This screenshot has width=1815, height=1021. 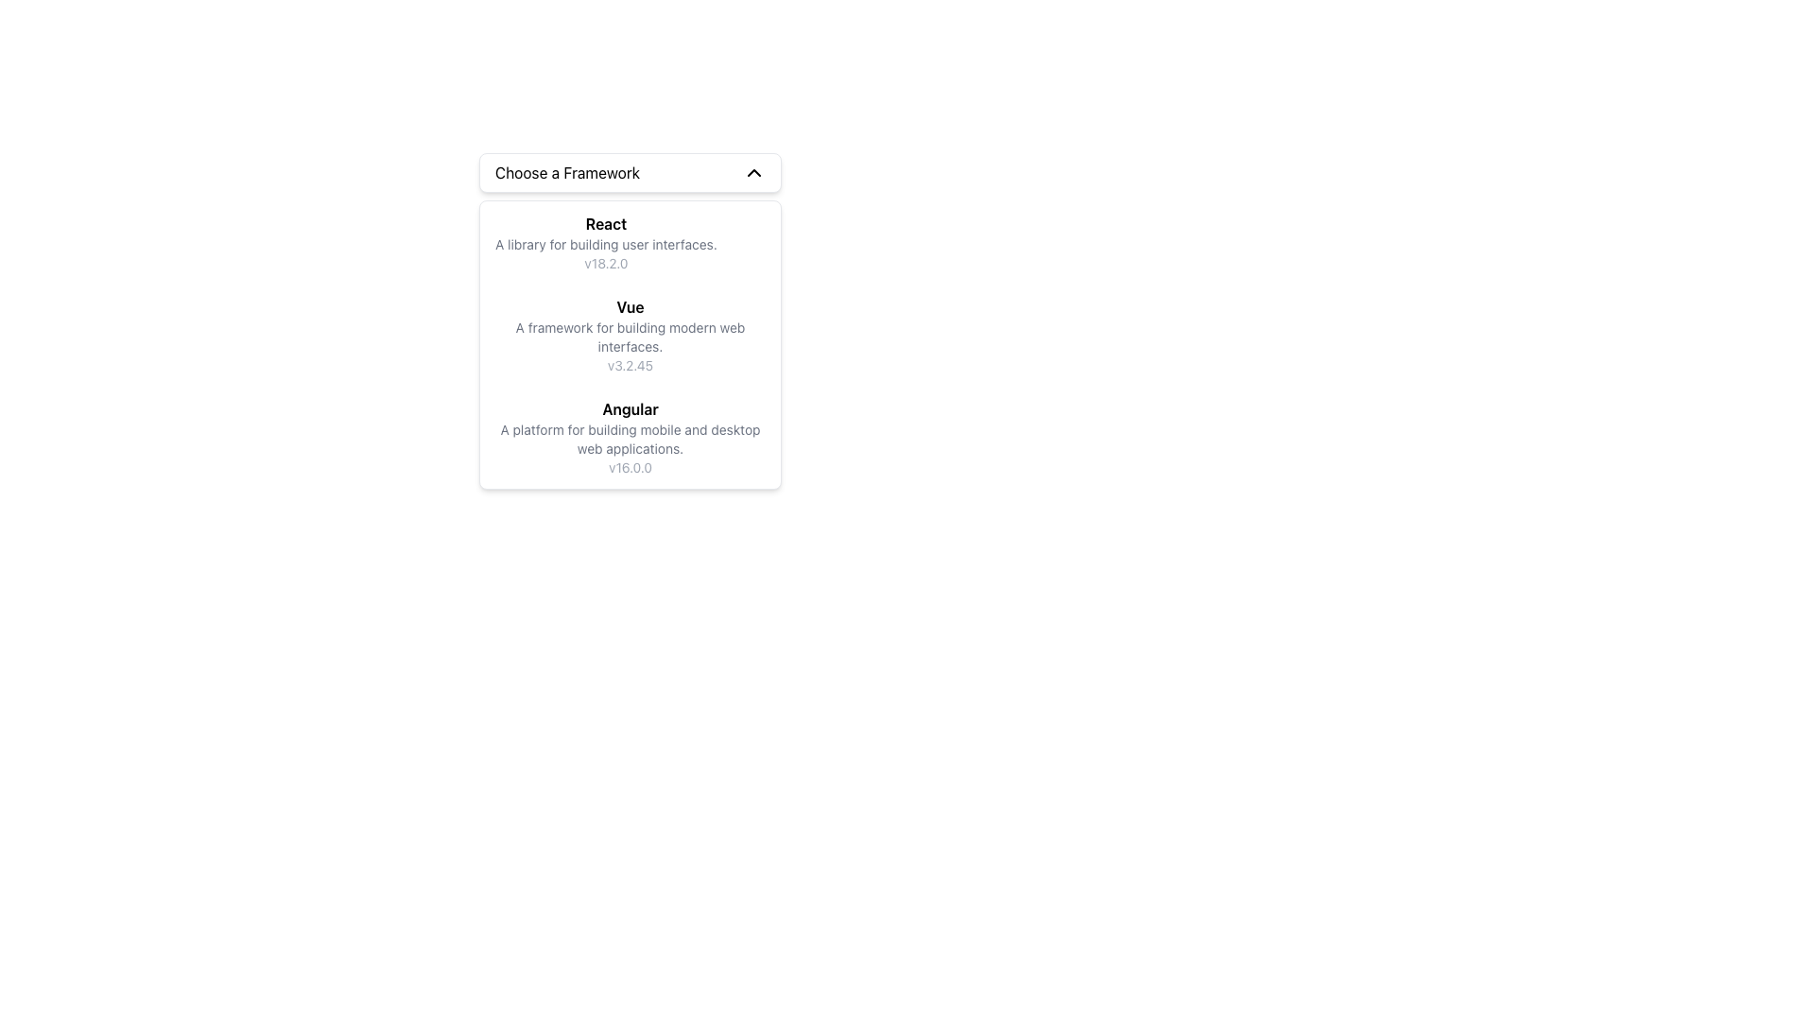 I want to click on the text node displaying 'v16.0.0', which is styled in a small font size and light-gray color, located beneath the Angular description section, so click(x=631, y=467).